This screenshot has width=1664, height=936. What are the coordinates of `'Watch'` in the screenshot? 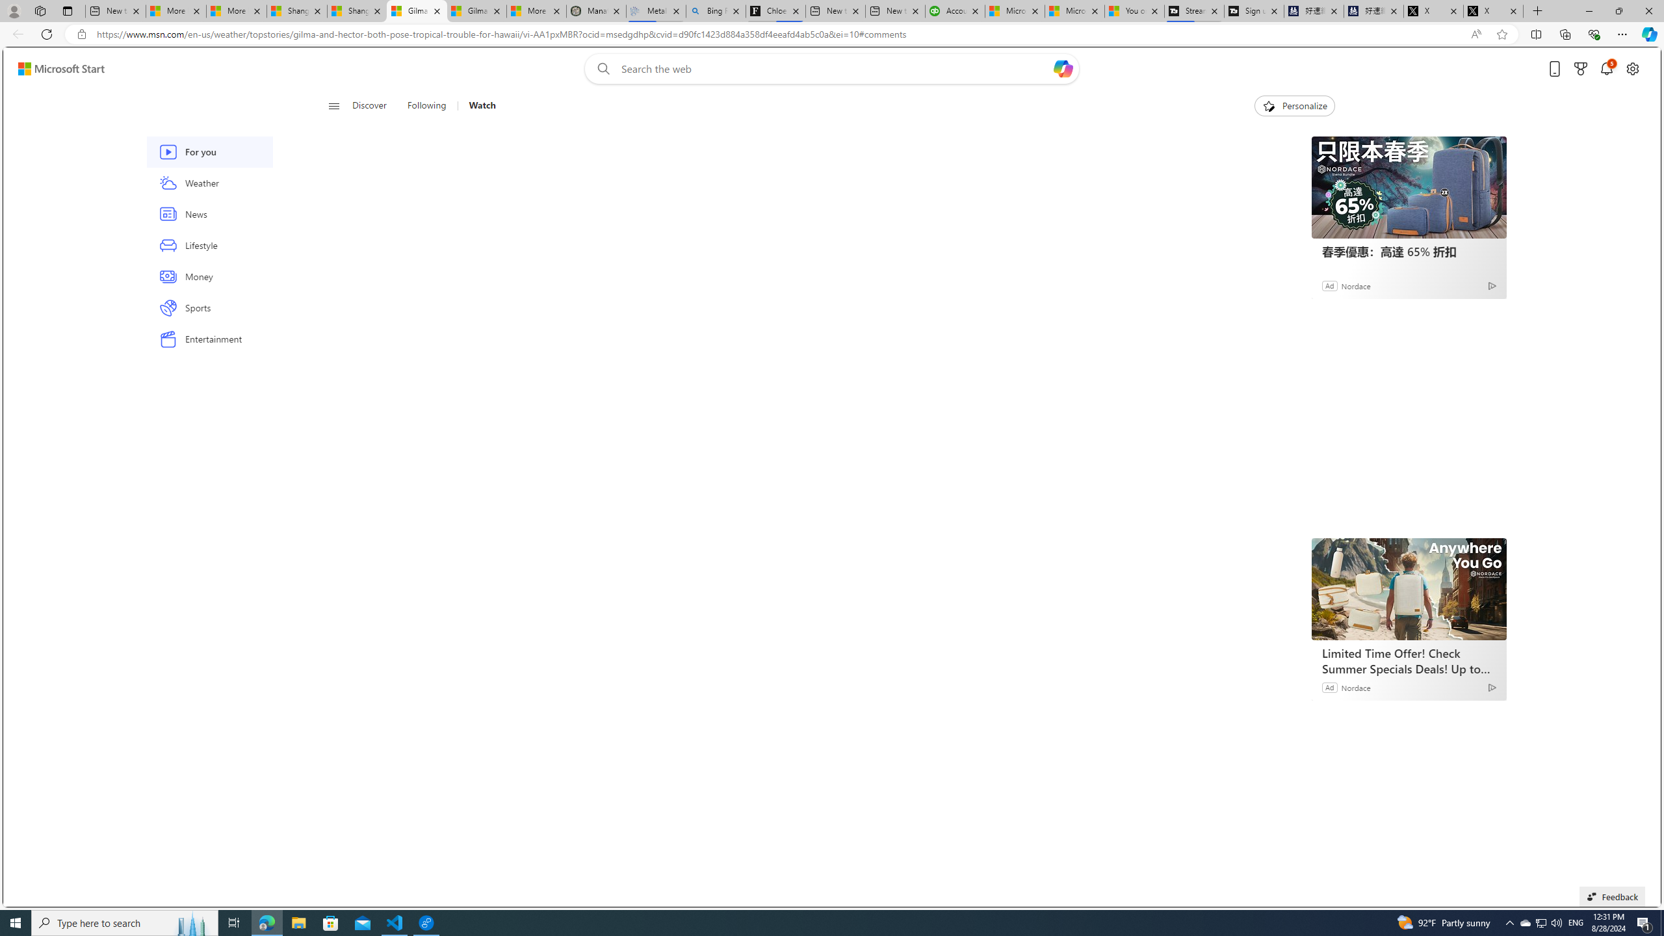 It's located at (482, 105).